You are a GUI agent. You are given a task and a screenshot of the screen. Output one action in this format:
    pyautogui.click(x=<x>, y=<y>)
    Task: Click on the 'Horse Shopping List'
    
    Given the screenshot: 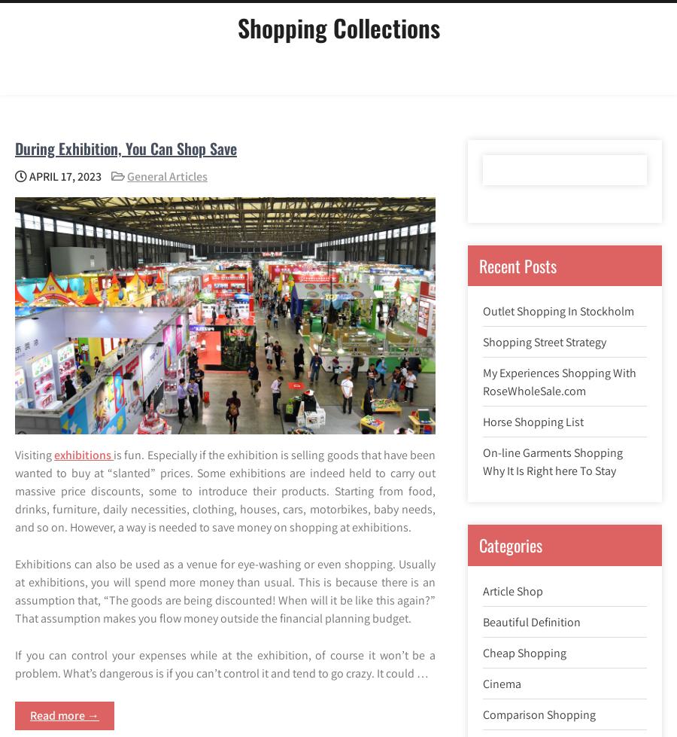 What is the action you would take?
    pyautogui.click(x=482, y=421)
    